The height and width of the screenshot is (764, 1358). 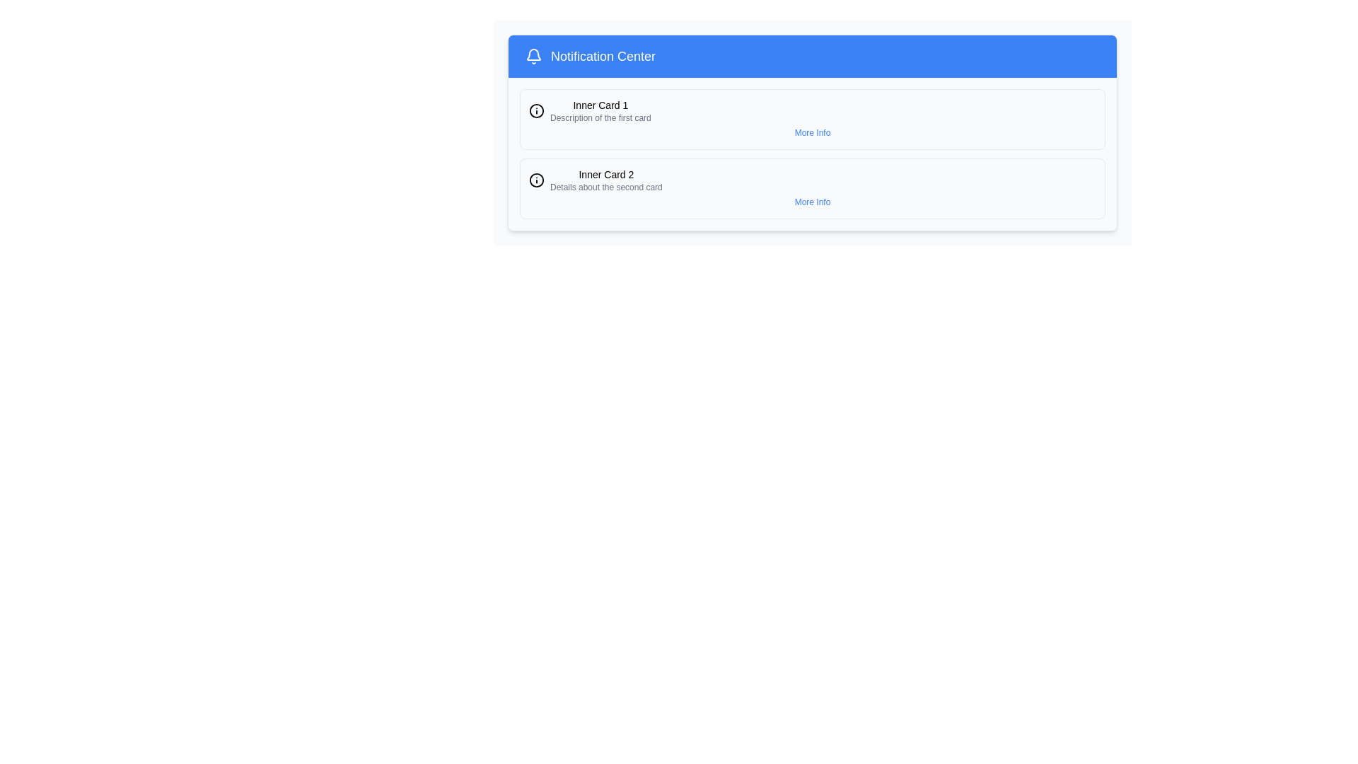 I want to click on the 'More Info' hyperlink located in the lower-right corner of the 'Inner Card 1' section, so click(x=812, y=133).